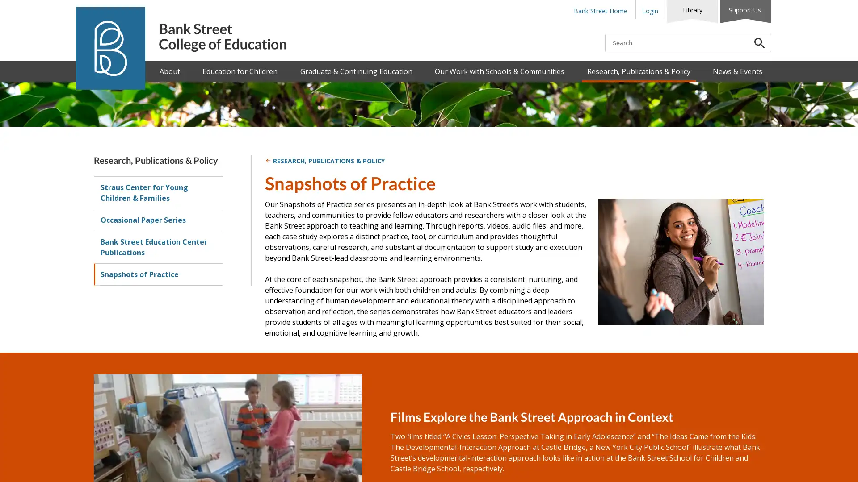  What do you see at coordinates (499, 71) in the screenshot?
I see `Our Work with Schools & Communities` at bounding box center [499, 71].